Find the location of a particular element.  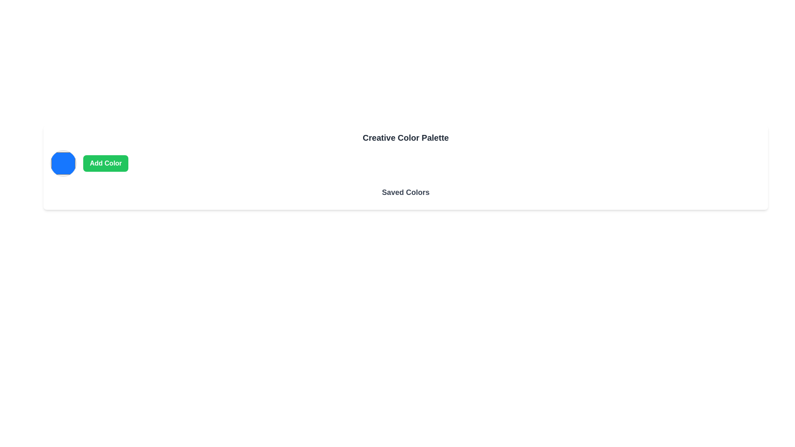

the text label that signifies the section for previously saved color items, located centrally at the bottom of the 'Creative Color Palette' section, below the 'Add Color' button is located at coordinates (405, 195).